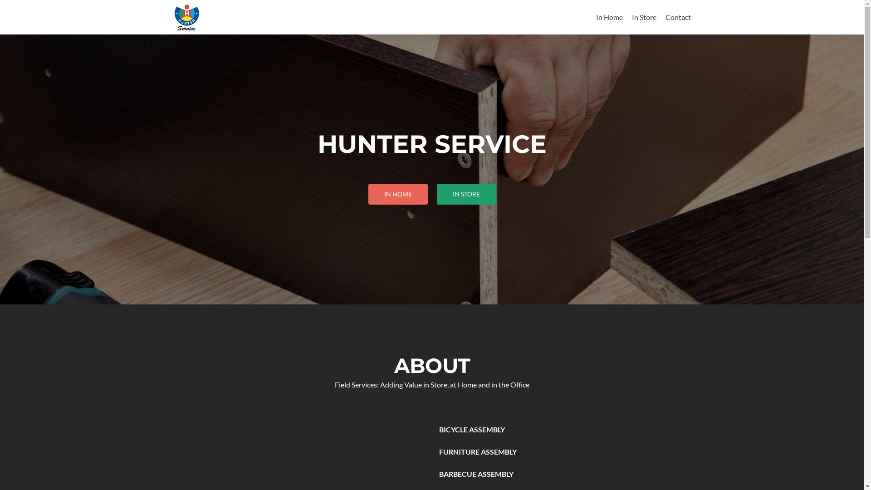 The width and height of the screenshot is (871, 490). What do you see at coordinates (643, 17) in the screenshot?
I see `'In Store'` at bounding box center [643, 17].